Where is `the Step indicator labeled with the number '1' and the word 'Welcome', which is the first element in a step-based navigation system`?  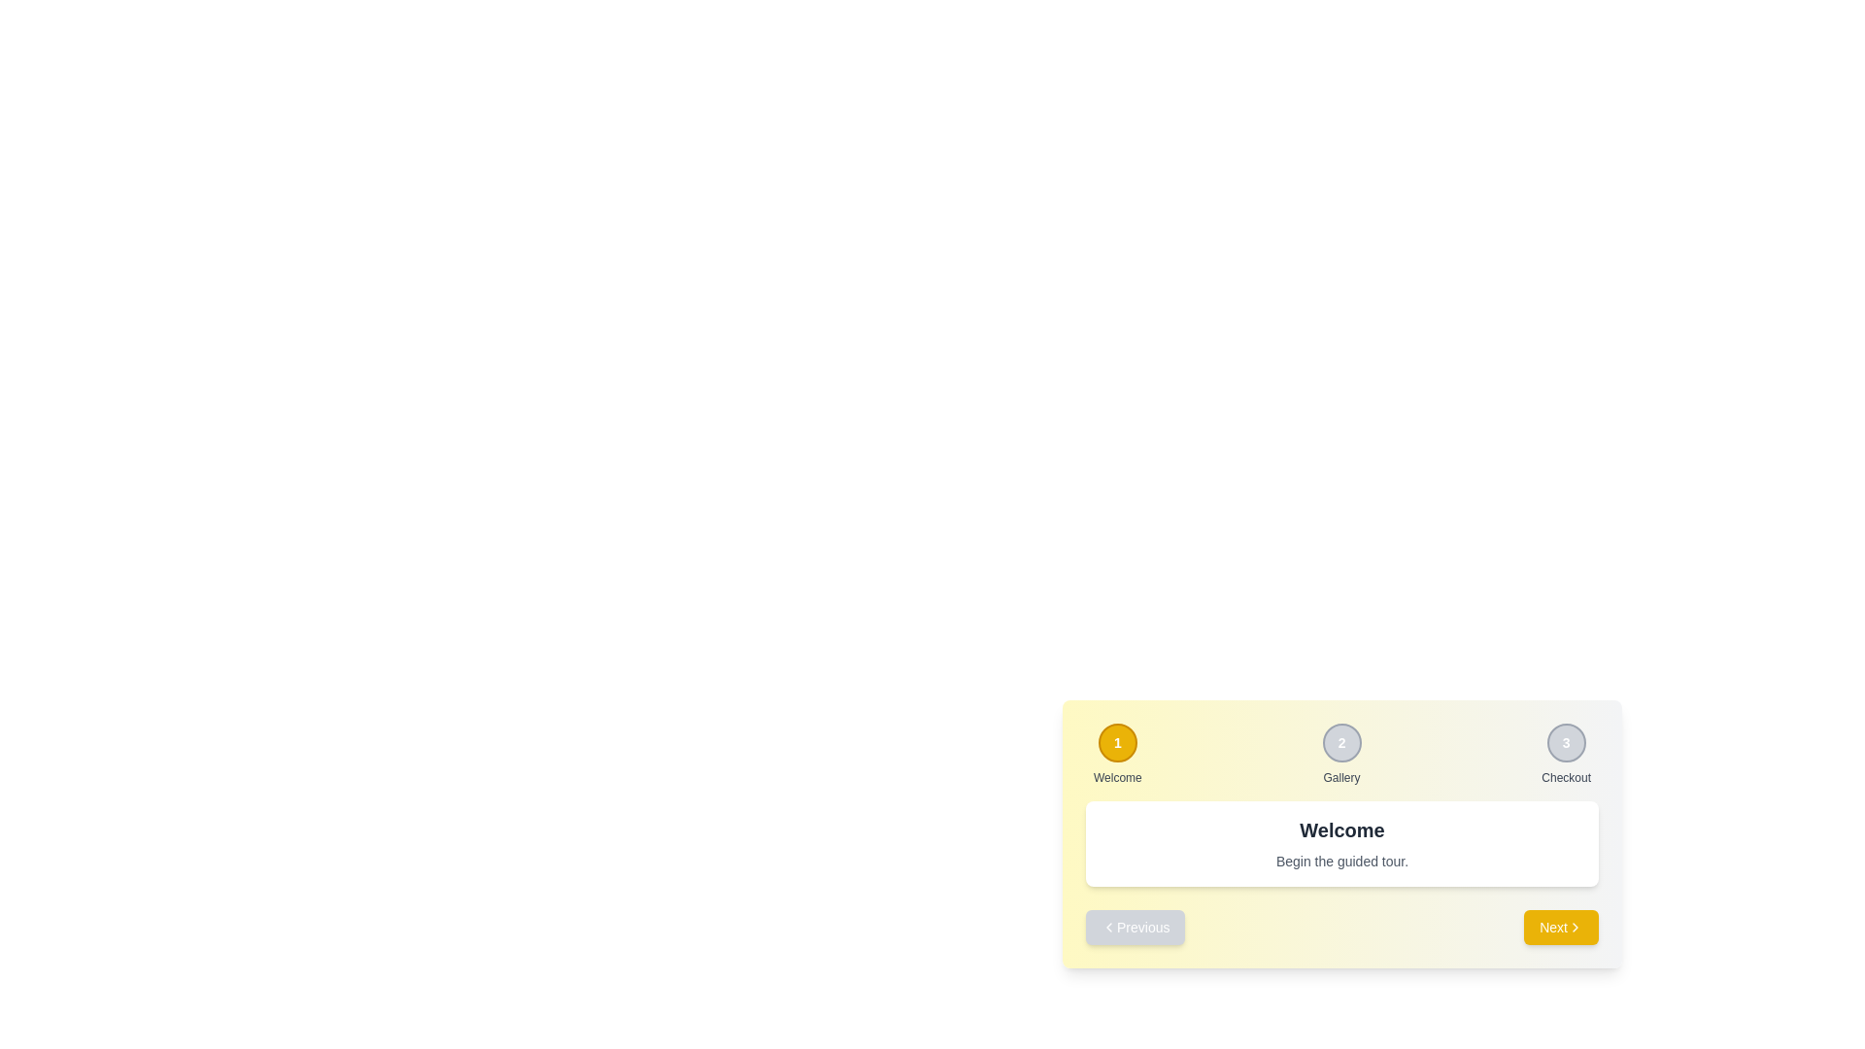
the Step indicator labeled with the number '1' and the word 'Welcome', which is the first element in a step-based navigation system is located at coordinates (1117, 753).